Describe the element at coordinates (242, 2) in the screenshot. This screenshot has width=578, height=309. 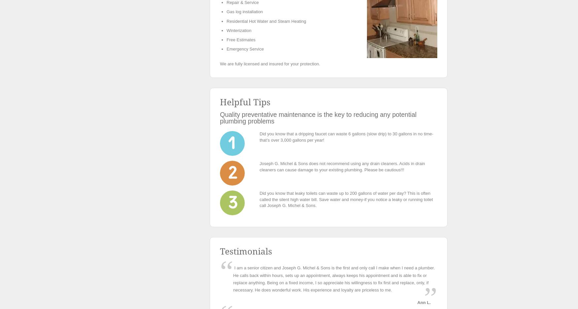
I see `'Repair & Service'` at that location.